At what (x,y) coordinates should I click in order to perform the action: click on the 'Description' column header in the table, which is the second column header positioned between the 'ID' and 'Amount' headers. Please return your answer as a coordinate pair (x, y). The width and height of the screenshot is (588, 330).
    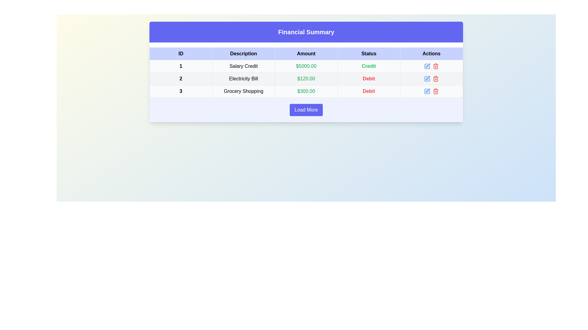
    Looking at the image, I should click on (243, 53).